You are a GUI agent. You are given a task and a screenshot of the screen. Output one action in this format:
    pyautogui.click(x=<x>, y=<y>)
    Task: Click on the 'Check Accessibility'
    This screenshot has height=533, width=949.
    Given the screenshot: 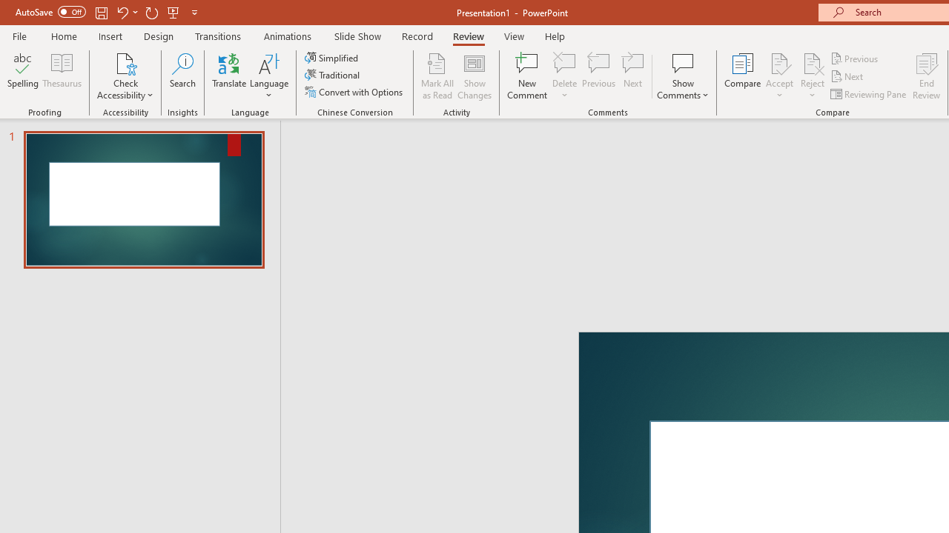 What is the action you would take?
    pyautogui.click(x=125, y=76)
    